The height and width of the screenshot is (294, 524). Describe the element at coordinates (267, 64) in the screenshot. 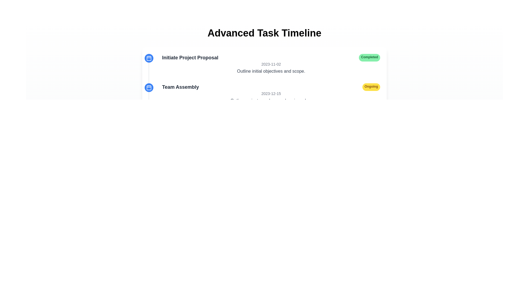

I see `text information from the task block labeled 'Initiate Project Proposal' which includes the title, status badge, date, and description` at that location.